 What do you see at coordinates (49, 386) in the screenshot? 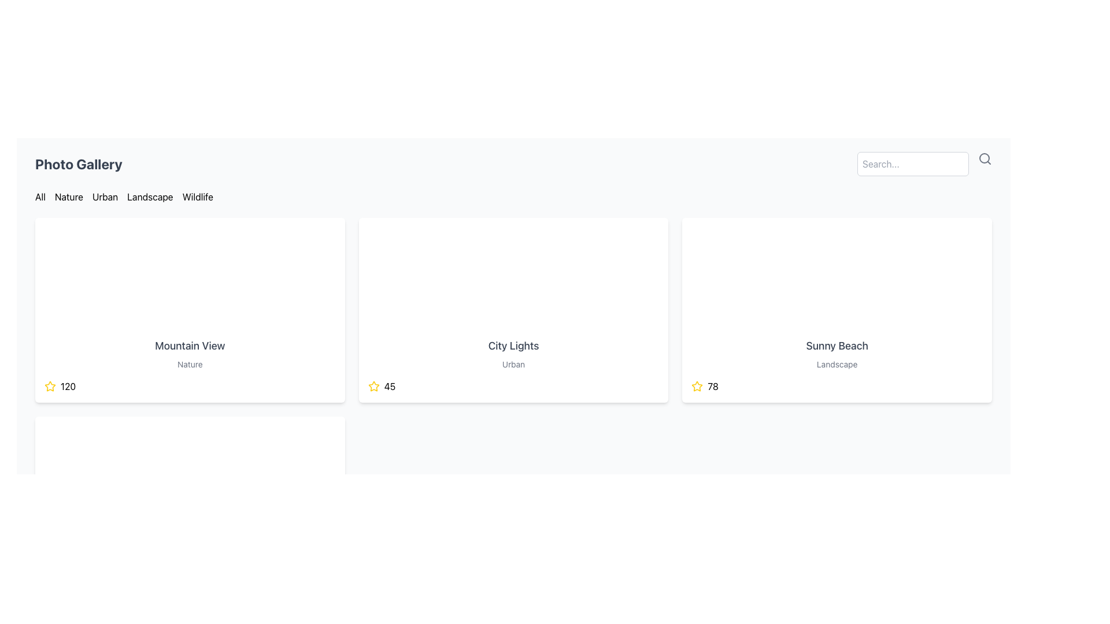
I see `the icon that indicates ratings or favorites, located to the left of the numeric text '120' in the bottom-left corner of the 'Mountain View' card` at bounding box center [49, 386].